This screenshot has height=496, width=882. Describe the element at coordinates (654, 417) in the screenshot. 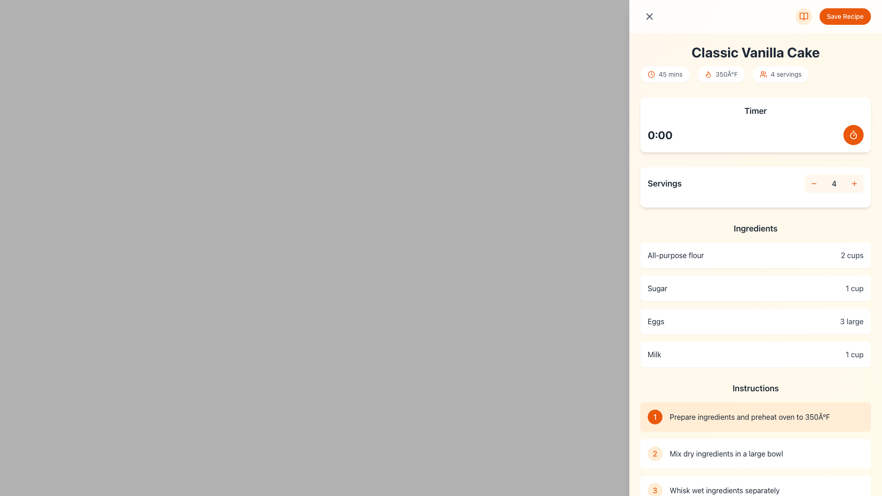

I see `displayed number on the circular orange label that marks the first step in the instructional list under the 'Instructions' section, aligned to the left of the text 'Prepare ingredients and preheat oven to 350°F'` at that location.